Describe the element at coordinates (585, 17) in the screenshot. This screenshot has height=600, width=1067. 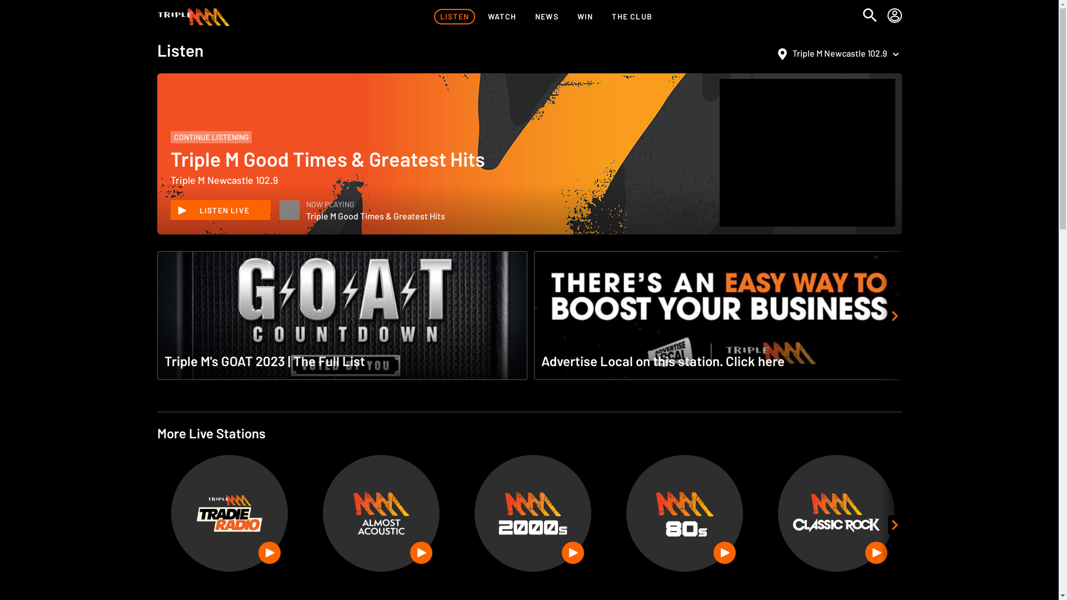
I see `'WIN'` at that location.